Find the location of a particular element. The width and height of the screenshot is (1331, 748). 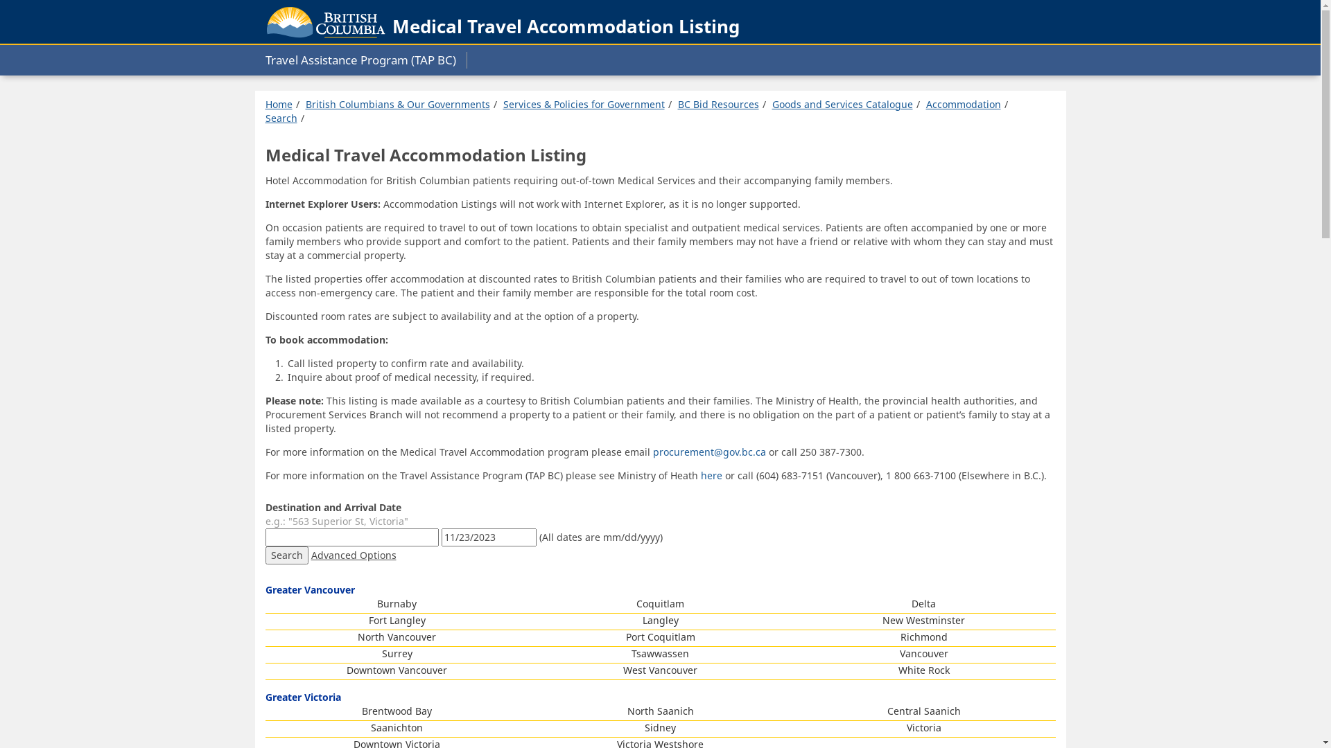

'Coquitlam' is located at coordinates (659, 603).